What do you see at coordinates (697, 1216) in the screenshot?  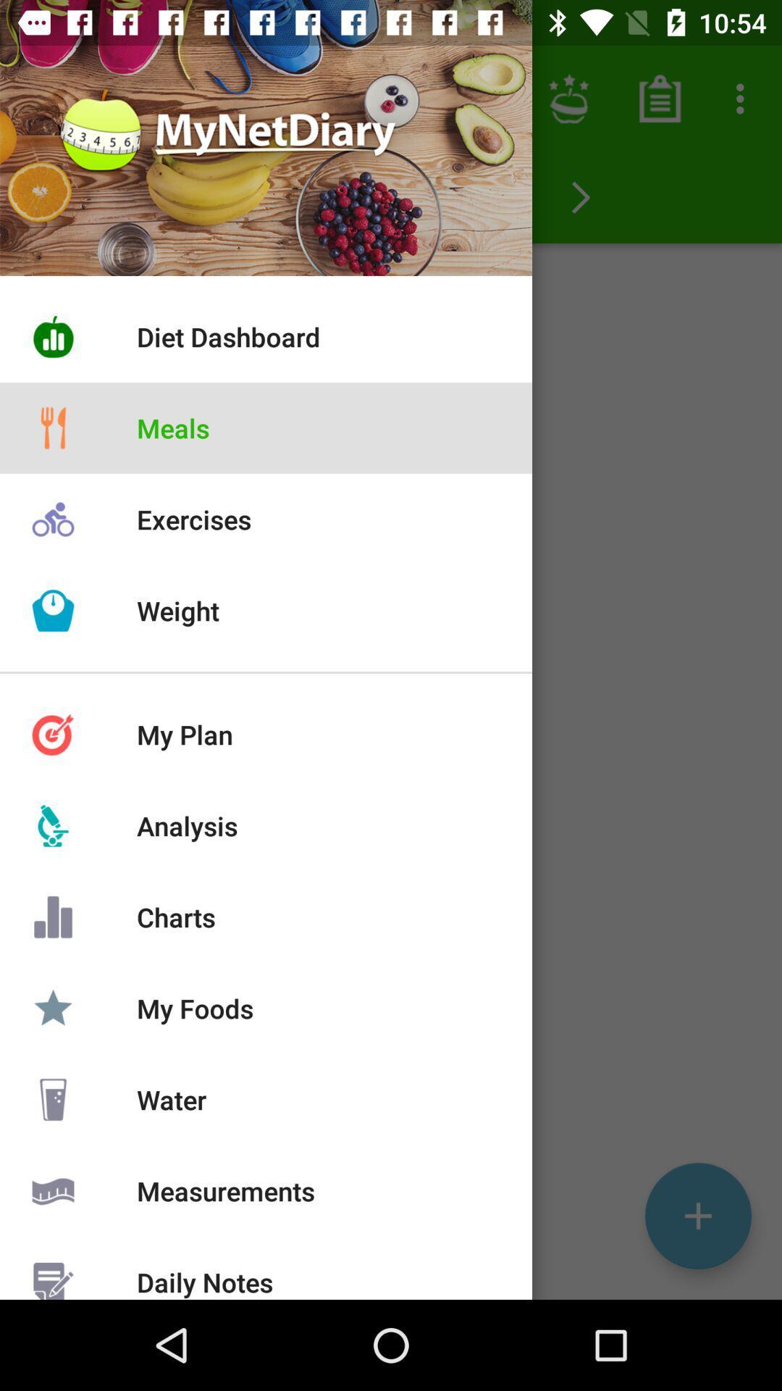 I see `the add icon` at bounding box center [697, 1216].